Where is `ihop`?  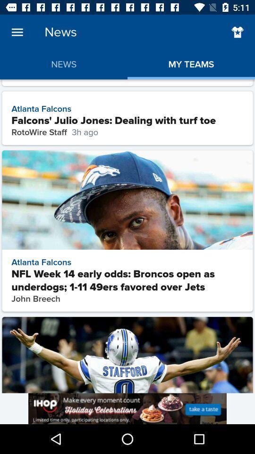
ihop is located at coordinates (127, 408).